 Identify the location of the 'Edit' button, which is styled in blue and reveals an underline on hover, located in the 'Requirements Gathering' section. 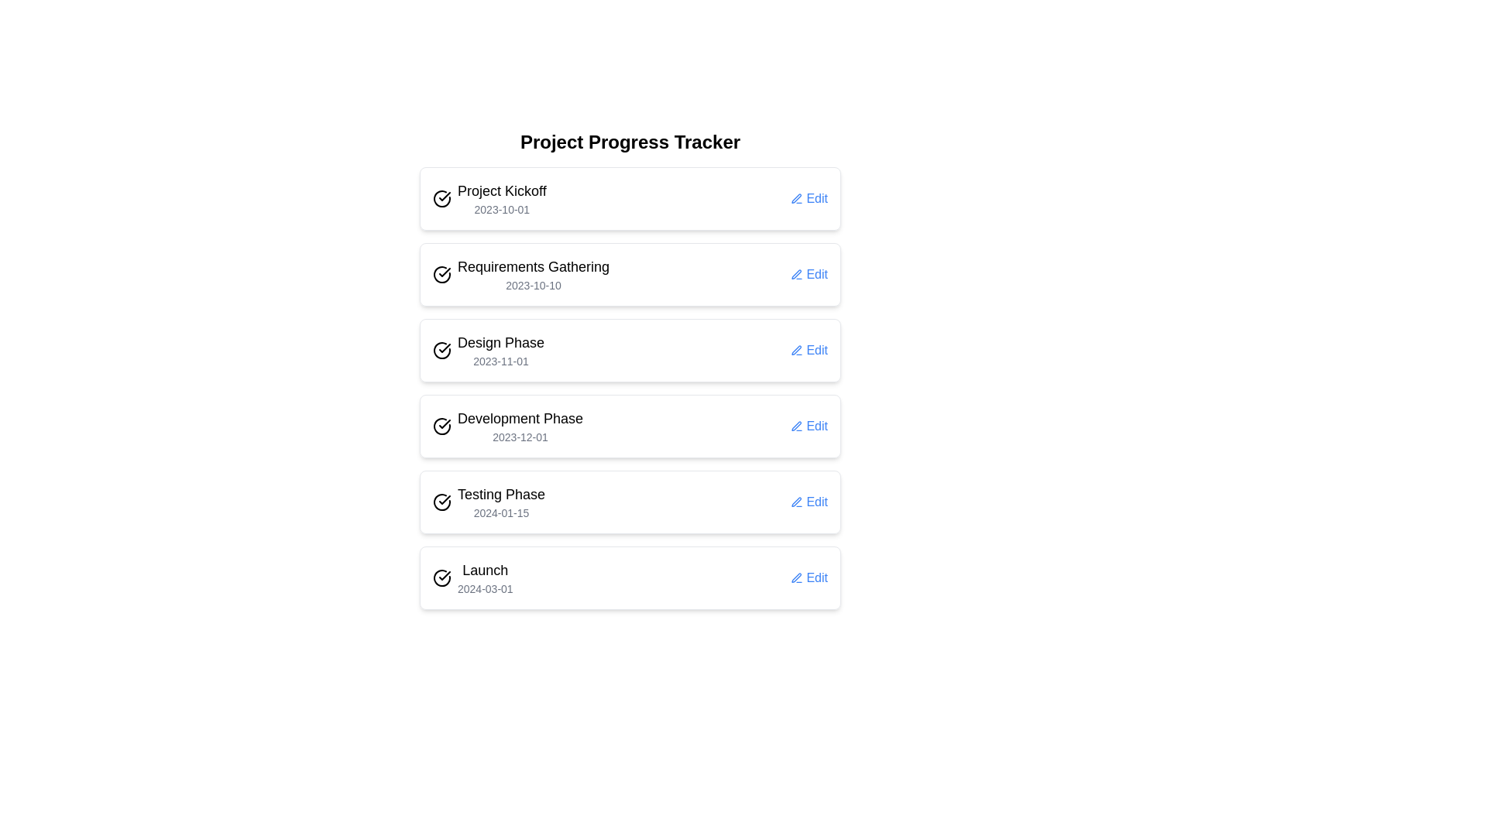
(809, 273).